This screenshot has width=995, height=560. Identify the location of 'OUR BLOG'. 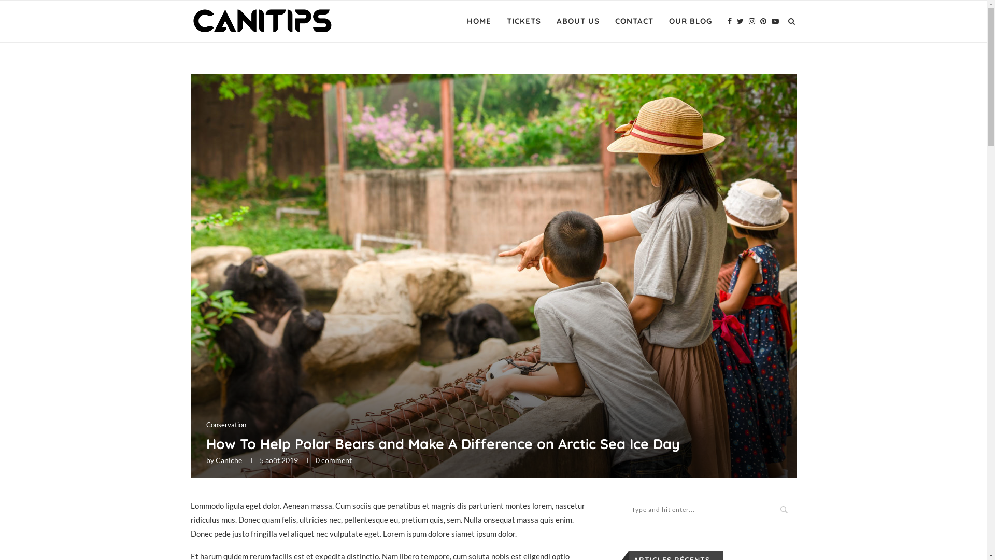
(669, 21).